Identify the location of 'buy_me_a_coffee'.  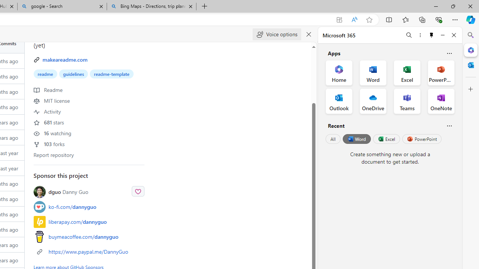
(39, 236).